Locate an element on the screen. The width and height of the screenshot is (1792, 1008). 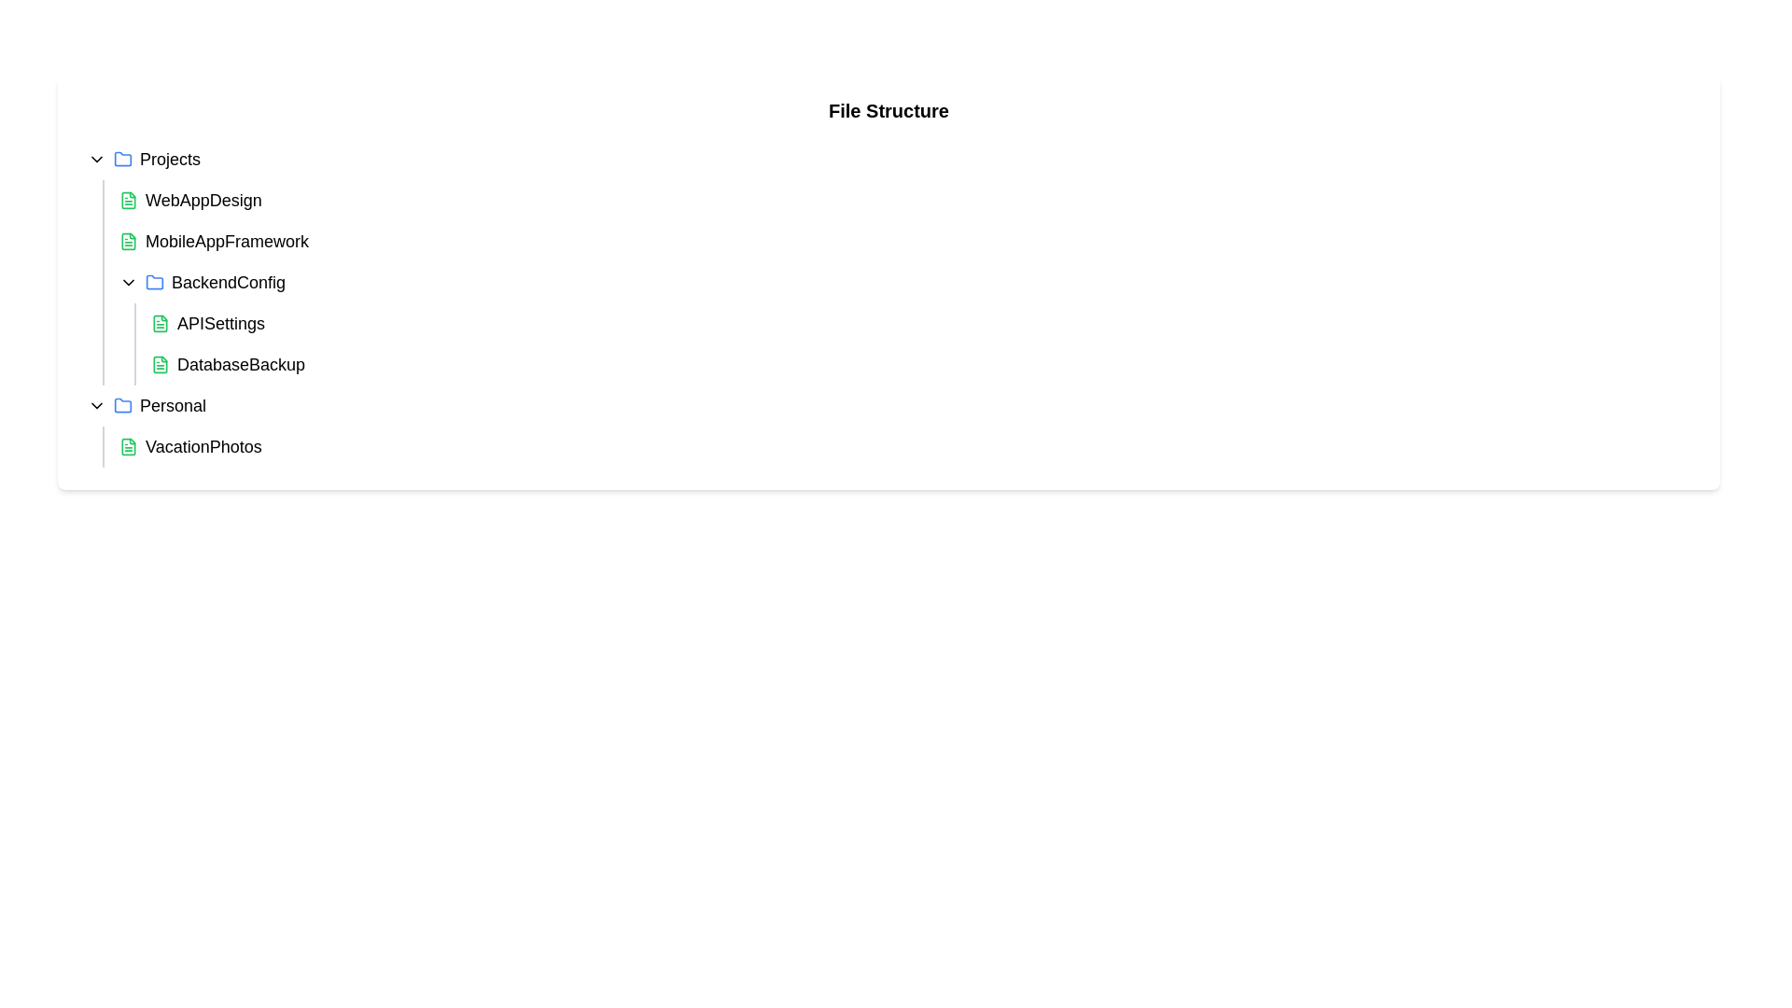
the stylized blue folder icon located in the 'Personal' section, below the 'Projects' folder and above 'VacationPhotos' is located at coordinates (122, 404).